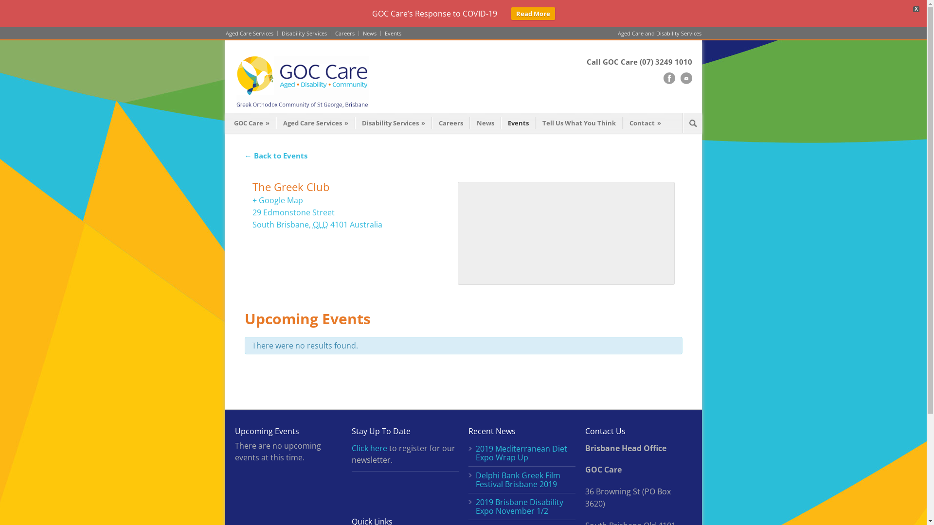  Describe the element at coordinates (450, 122) in the screenshot. I see `'Careers'` at that location.